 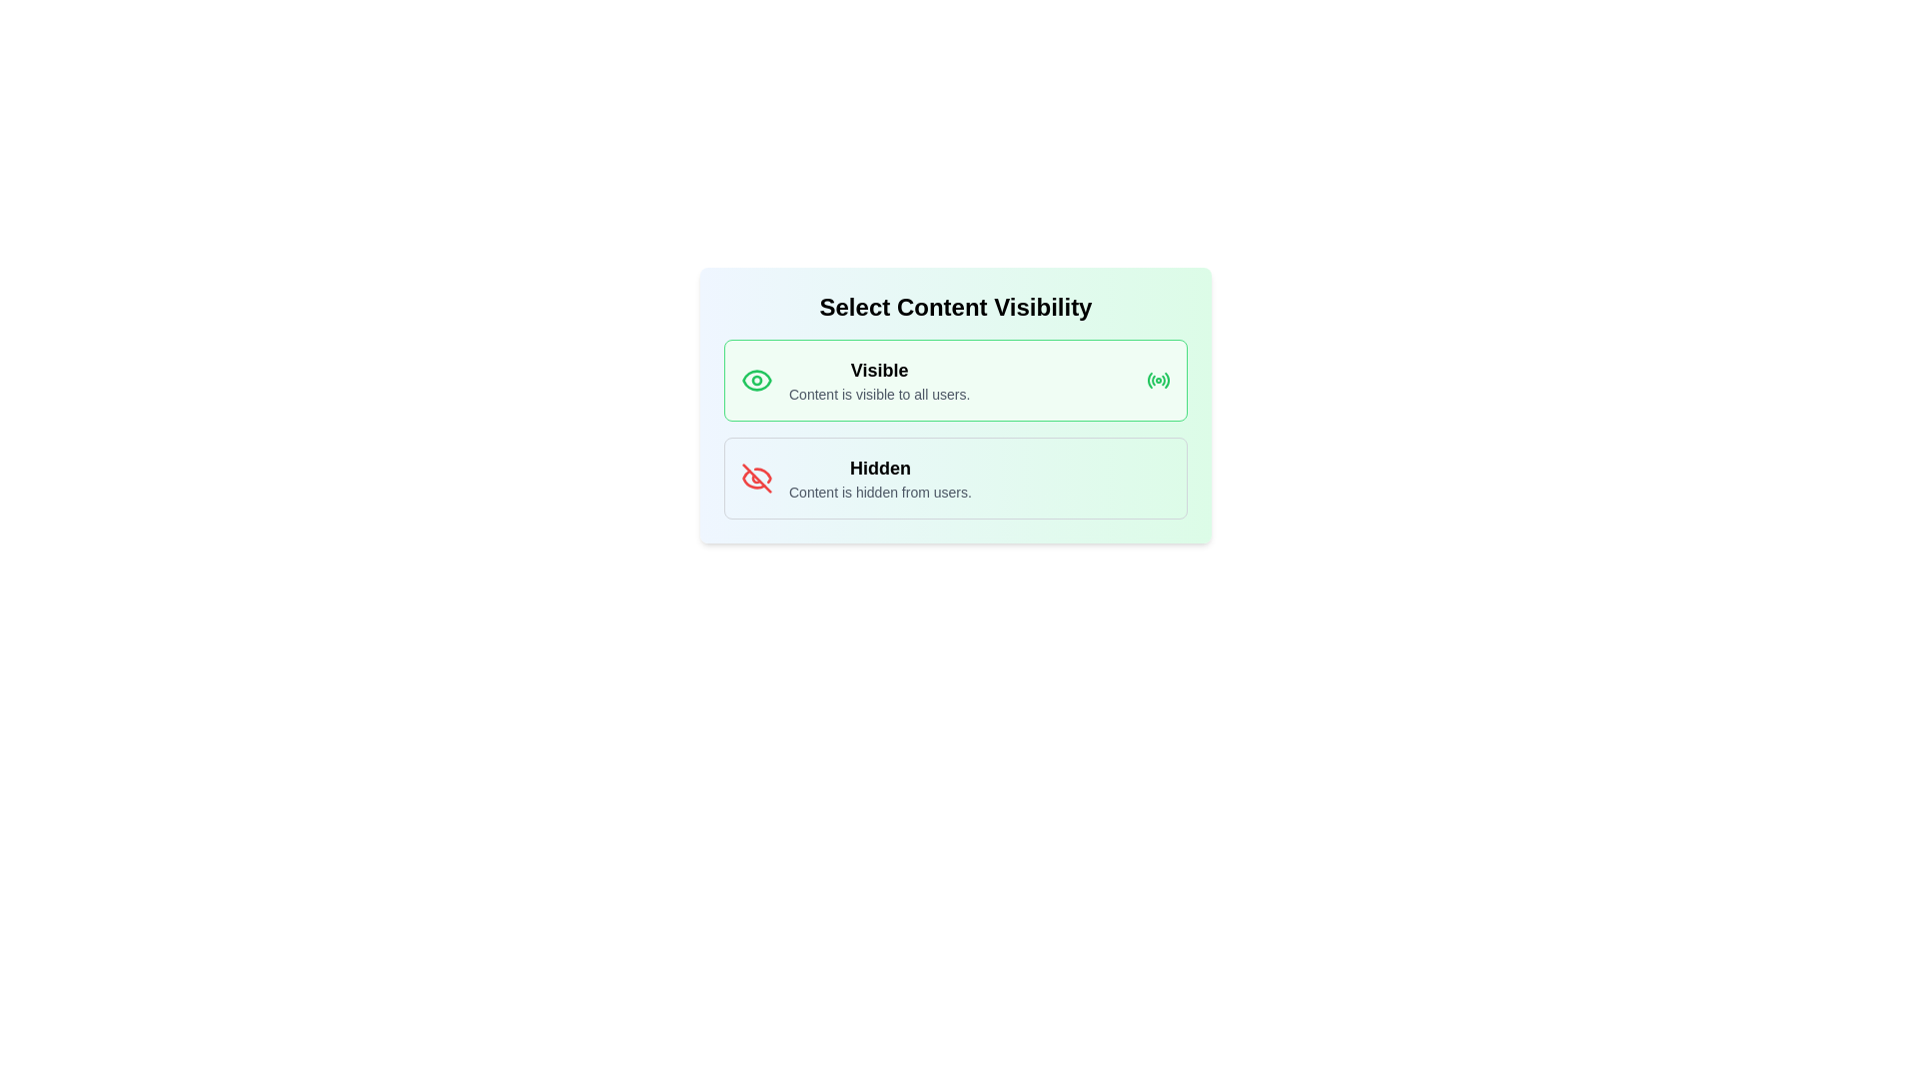 What do you see at coordinates (879, 394) in the screenshot?
I see `the text label displaying 'Content is visible to all users.' which is located below the heading 'Visible' in the green-bordered panel labeled 'Visible.'` at bounding box center [879, 394].